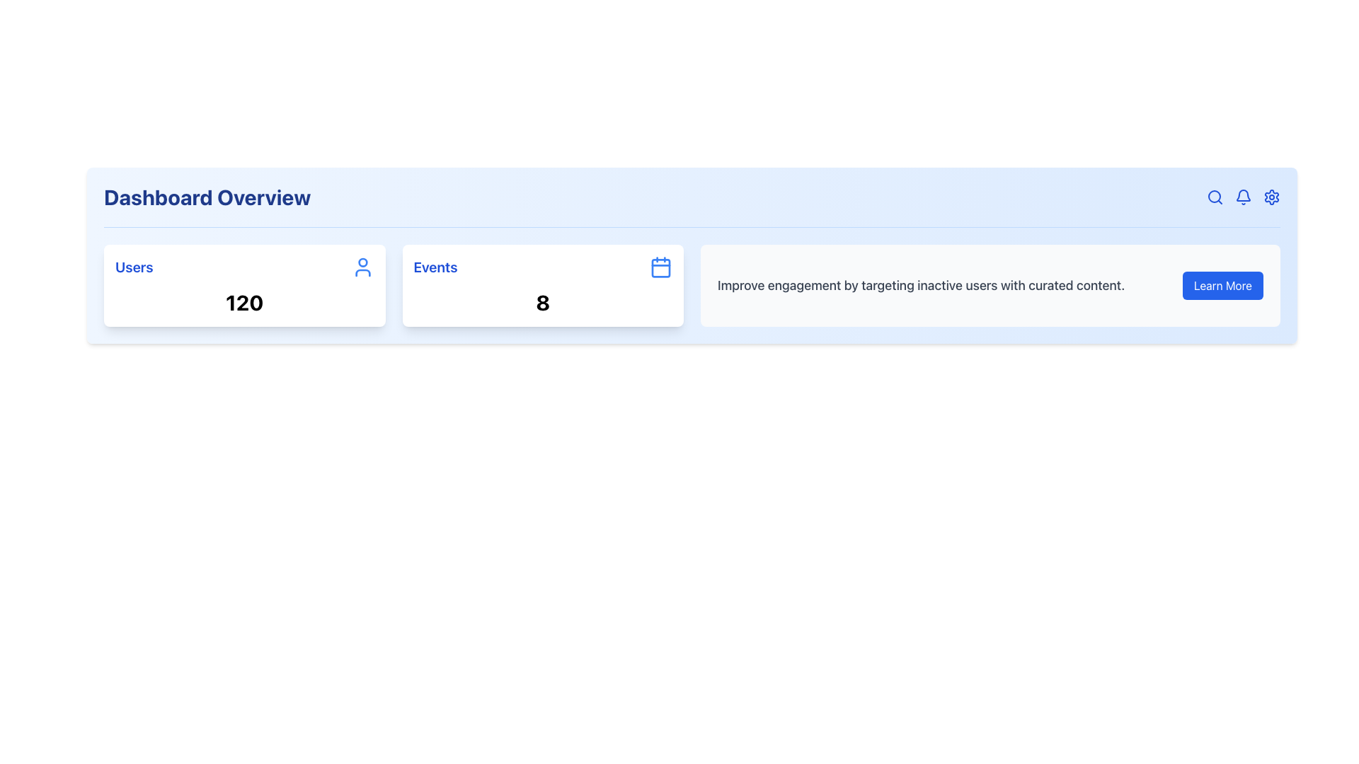  Describe the element at coordinates (435, 267) in the screenshot. I see `text content of the Text Label that describes the nearby numeric value, which is centrally aligned vertically within its section and positioned slightly to the left of the calendar icon` at that location.